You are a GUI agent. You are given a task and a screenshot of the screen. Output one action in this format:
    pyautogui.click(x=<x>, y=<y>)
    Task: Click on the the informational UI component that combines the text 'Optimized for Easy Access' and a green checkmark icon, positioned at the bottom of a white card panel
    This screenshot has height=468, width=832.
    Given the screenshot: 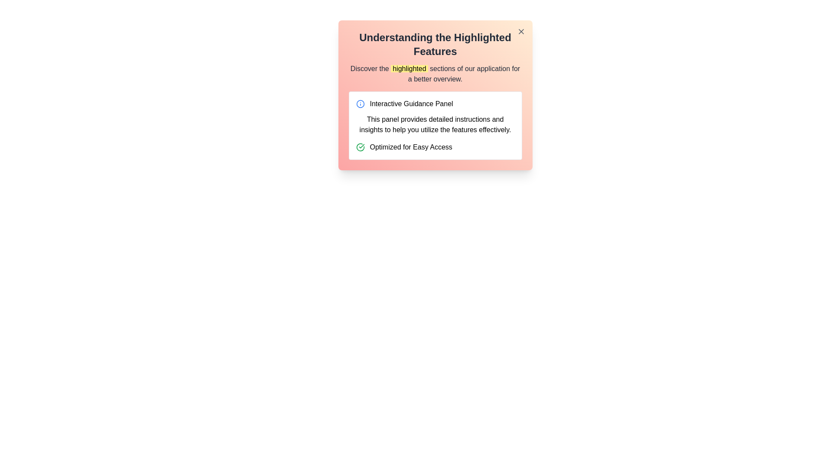 What is the action you would take?
    pyautogui.click(x=435, y=146)
    